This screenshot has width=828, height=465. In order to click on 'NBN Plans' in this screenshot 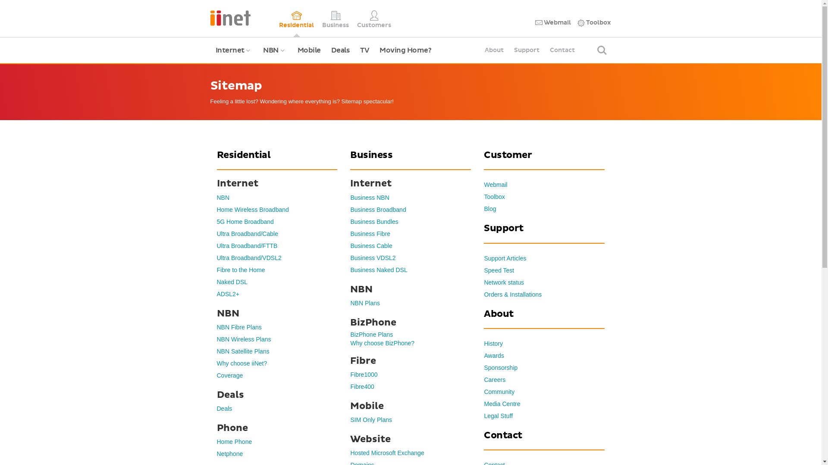, I will do `click(364, 303)`.